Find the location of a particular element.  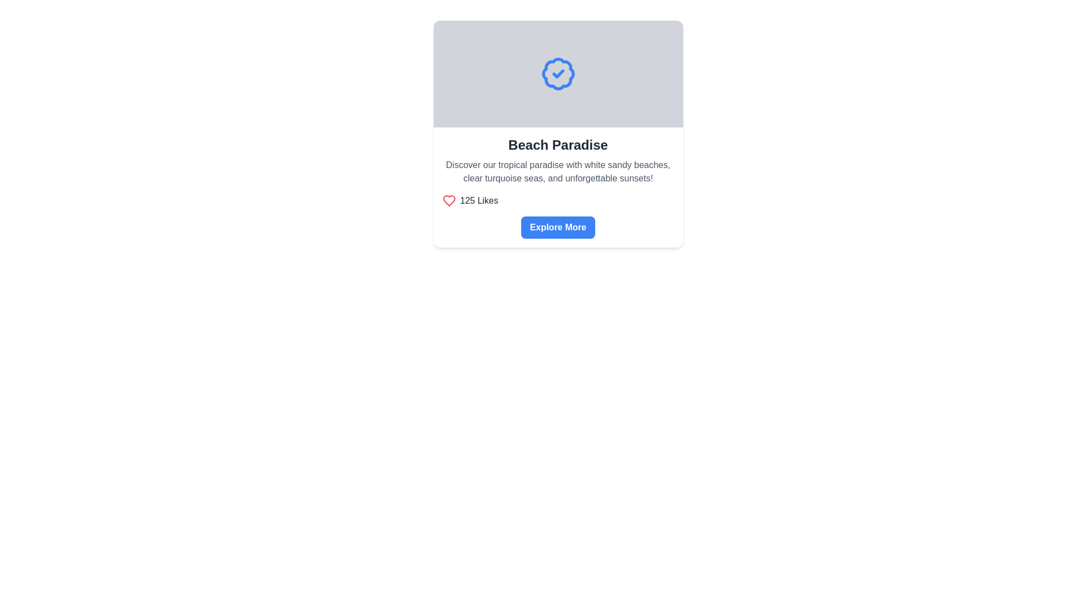

the 'Explore More' button located at the bottom center of the card layout is located at coordinates (558, 226).